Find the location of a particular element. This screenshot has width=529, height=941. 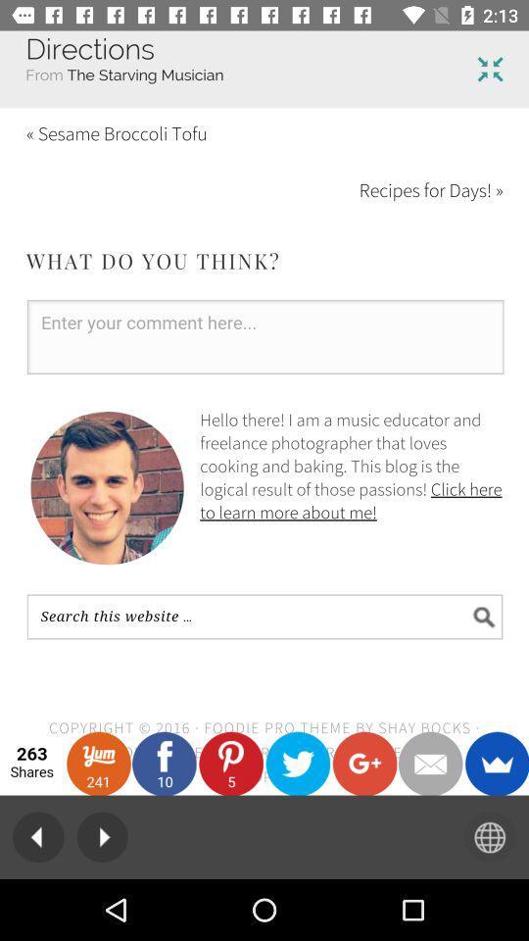

the globe icon is located at coordinates (489, 836).